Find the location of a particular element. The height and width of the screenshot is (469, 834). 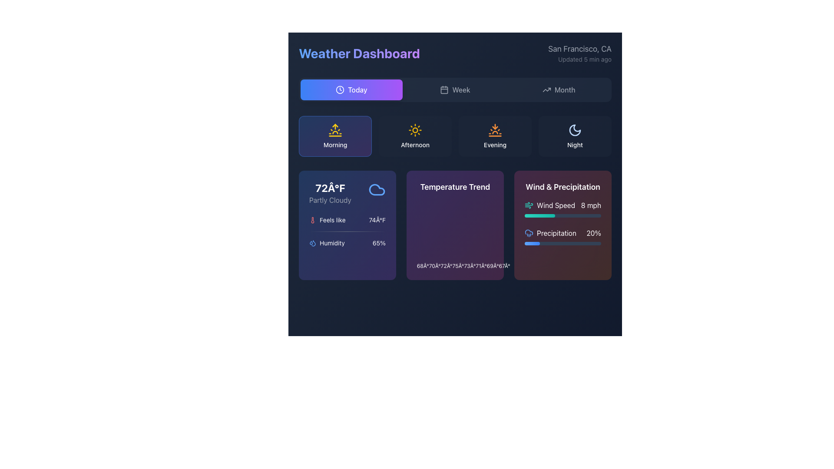

the Circular outline SVG element located in the header control bar, which is part of the 'Today' tab is located at coordinates (339, 90).